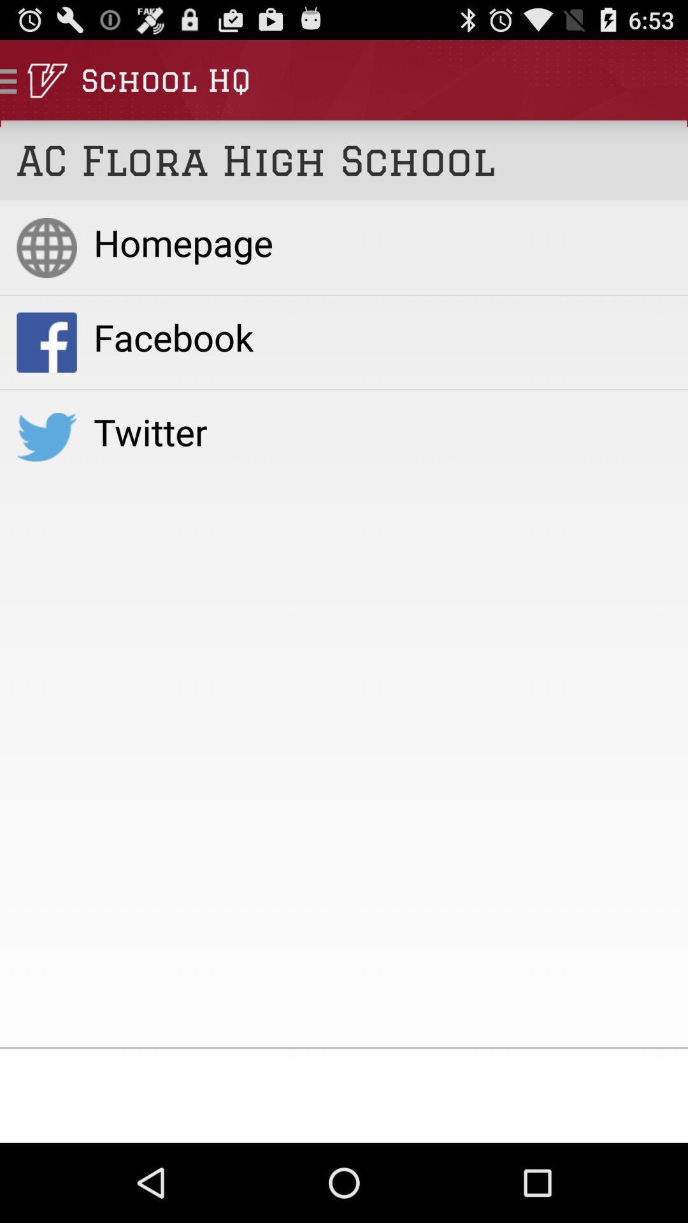  What do you see at coordinates (382, 337) in the screenshot?
I see `the item below homepage` at bounding box center [382, 337].